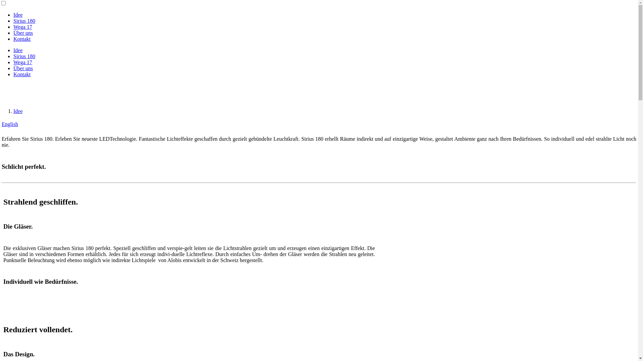 This screenshot has width=643, height=361. Describe the element at coordinates (22, 74) in the screenshot. I see `'Kontakt'` at that location.